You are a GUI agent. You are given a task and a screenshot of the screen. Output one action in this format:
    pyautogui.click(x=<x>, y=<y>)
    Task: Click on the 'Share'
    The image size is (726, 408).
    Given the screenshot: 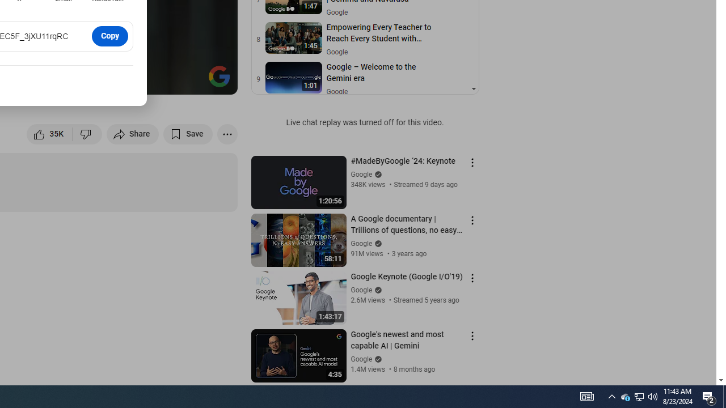 What is the action you would take?
    pyautogui.click(x=133, y=133)
    